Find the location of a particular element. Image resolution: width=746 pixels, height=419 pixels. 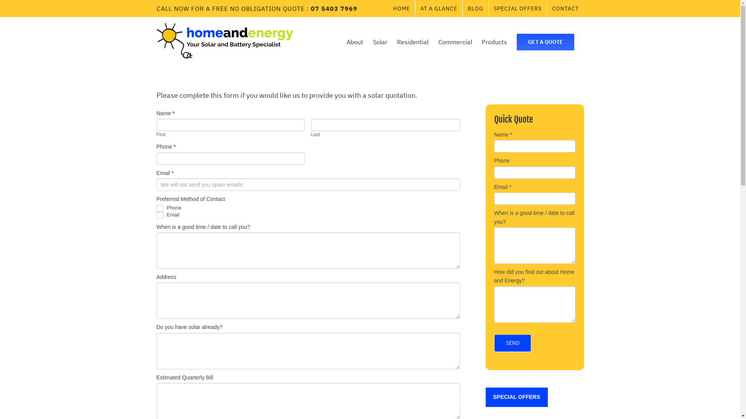

'HOME' is located at coordinates (401, 9).